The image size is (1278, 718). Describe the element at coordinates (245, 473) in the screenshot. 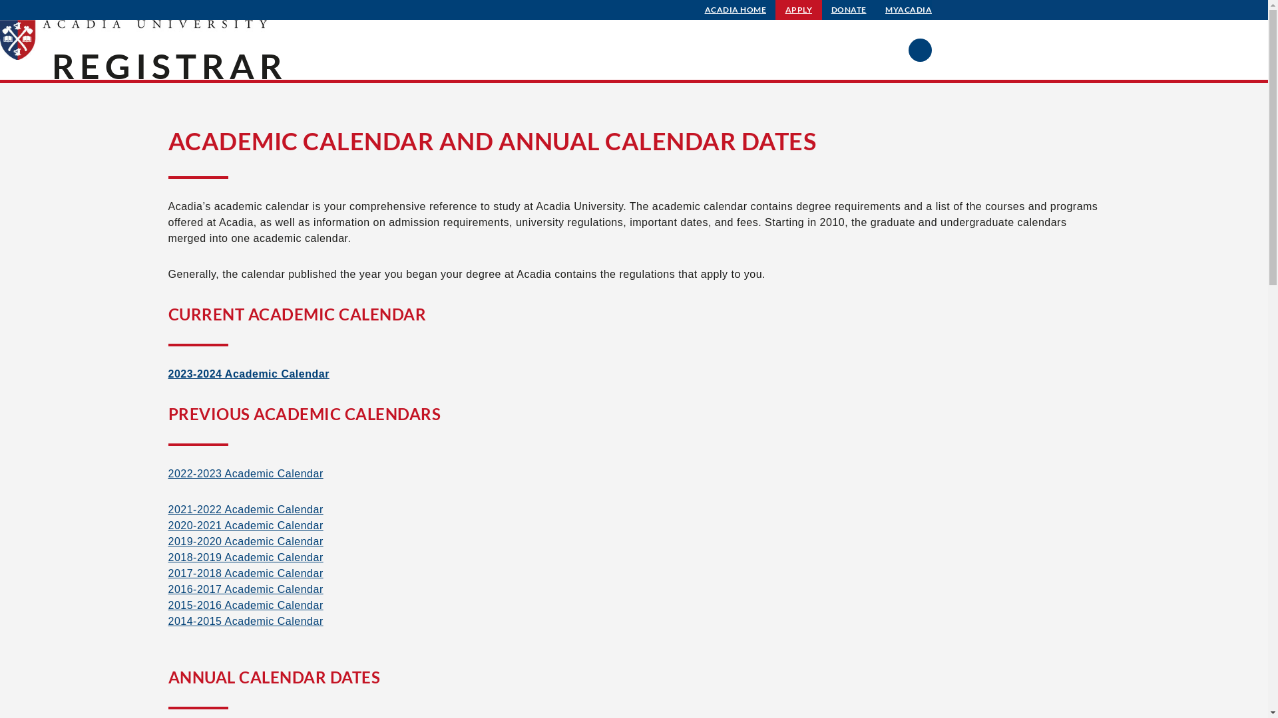

I see `'2022-2023 Academic Calendar'` at that location.